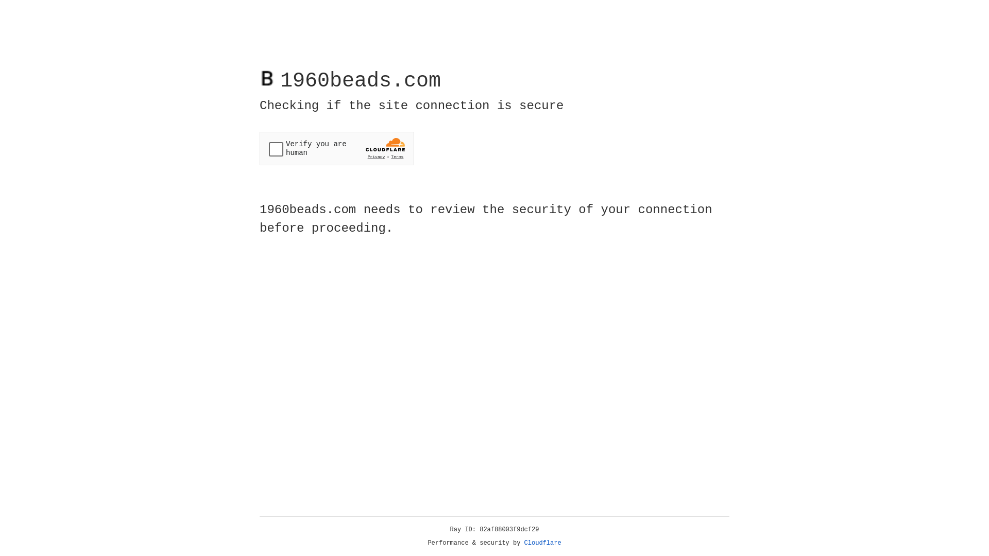  I want to click on 'Cloudflare', so click(524, 543).